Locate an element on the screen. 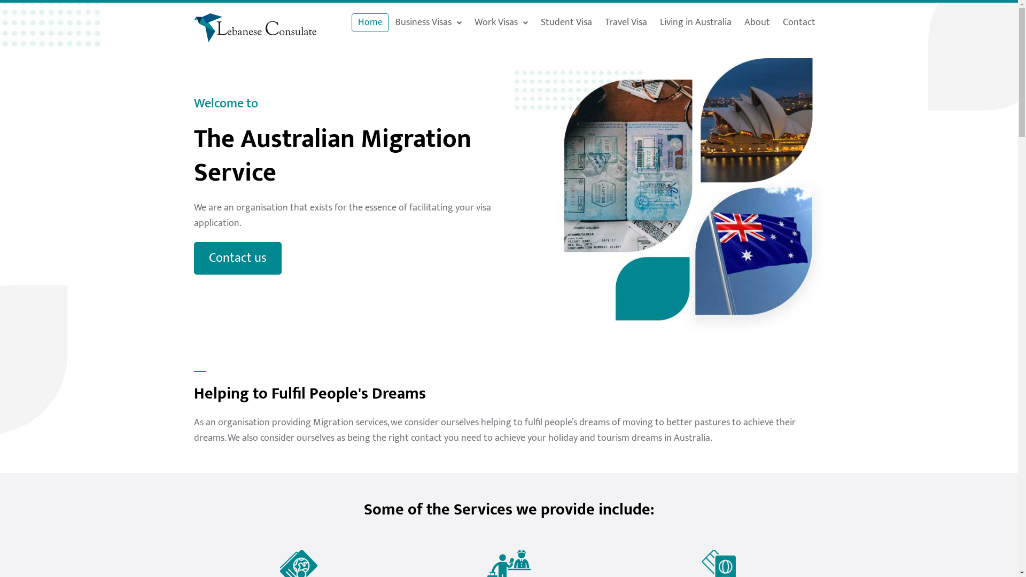 The width and height of the screenshot is (1026, 577). 'Work Visas' is located at coordinates (500, 22).